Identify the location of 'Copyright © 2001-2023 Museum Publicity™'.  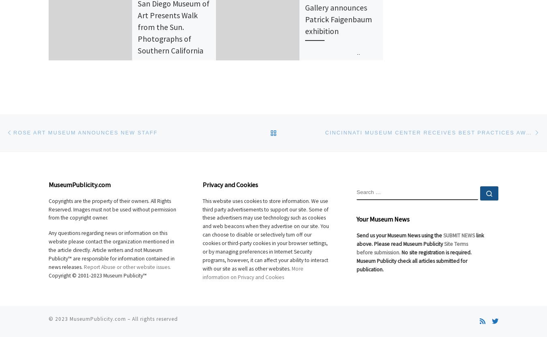
(97, 275).